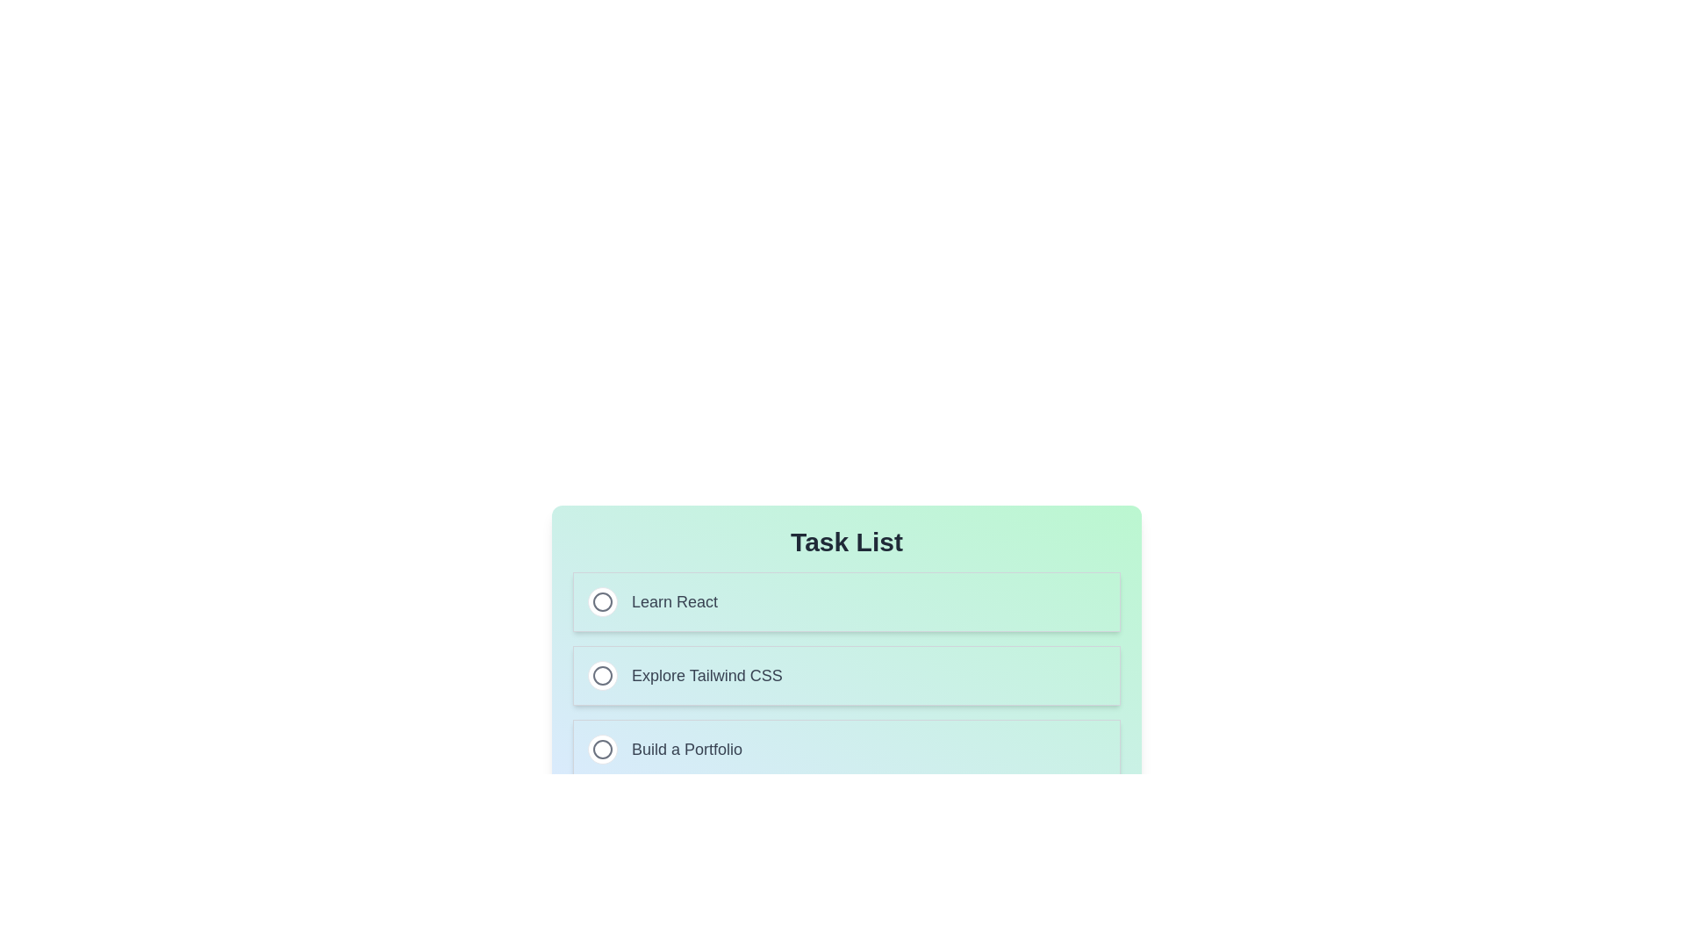  I want to click on the circular indicator icon that serves as a visual marker for the 'Build a Portfolio' item in the 'Task List.', so click(602, 749).